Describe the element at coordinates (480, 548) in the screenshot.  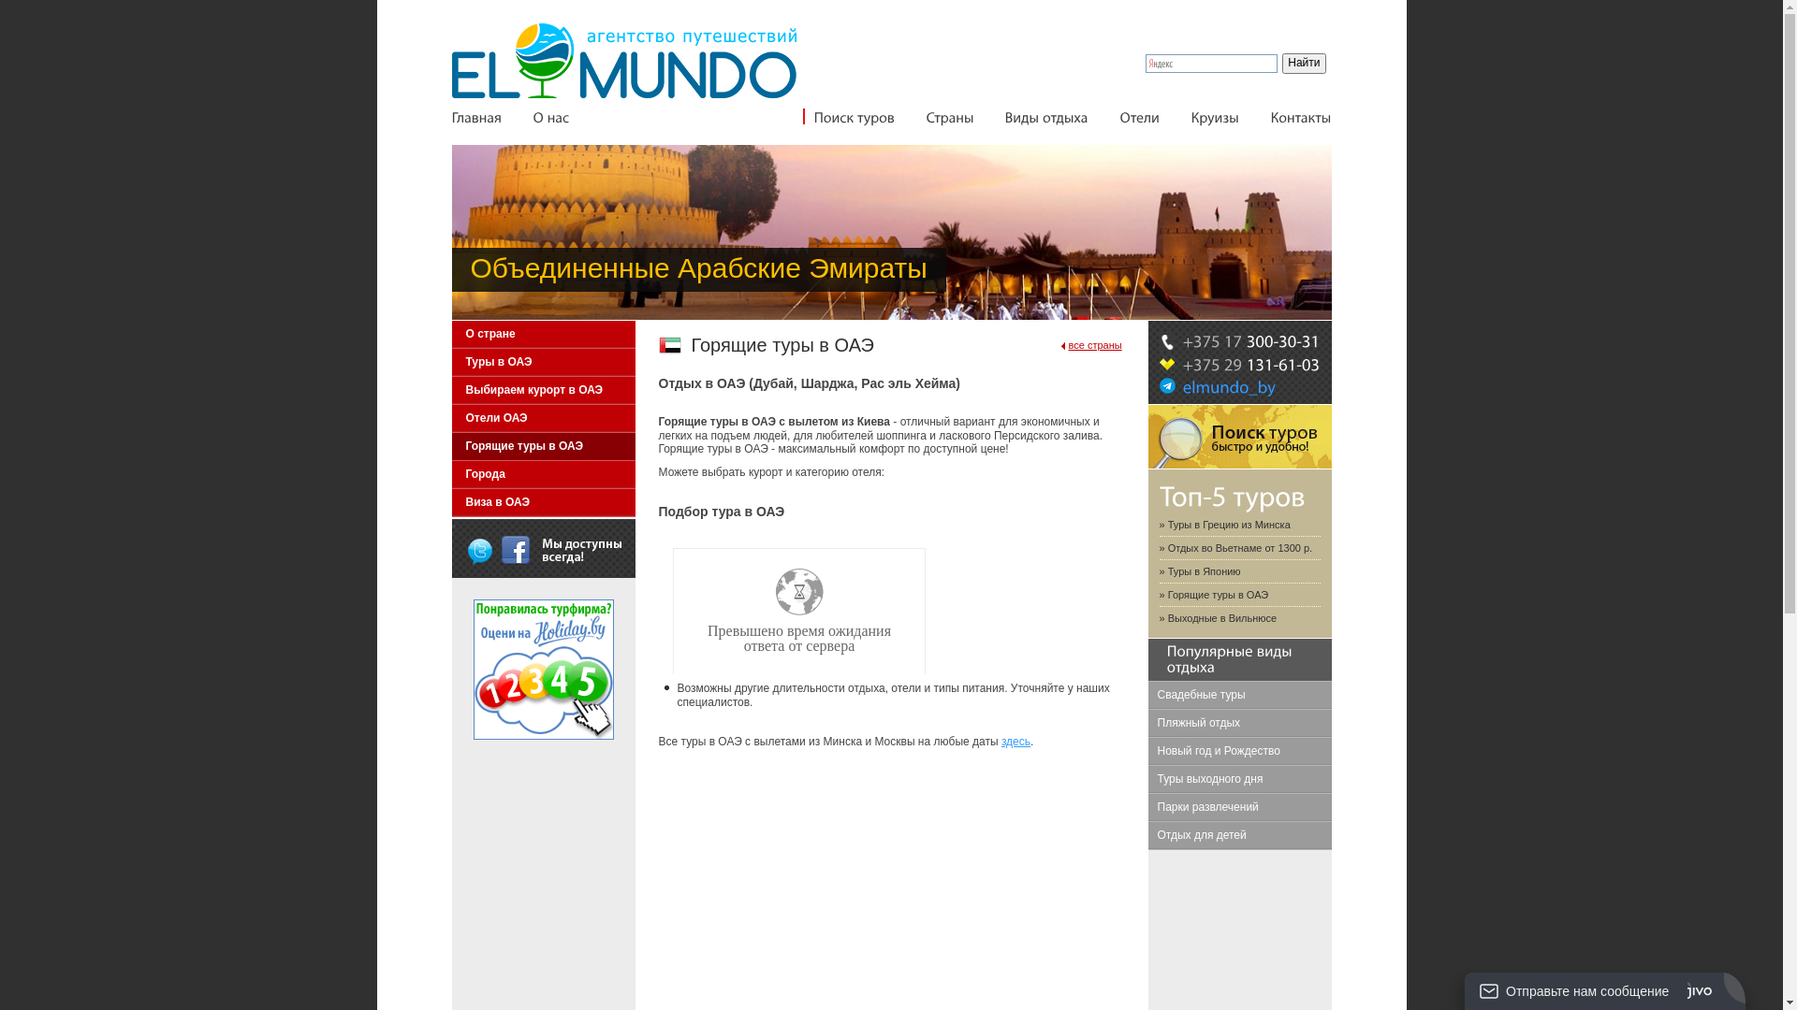
I see `' '` at that location.